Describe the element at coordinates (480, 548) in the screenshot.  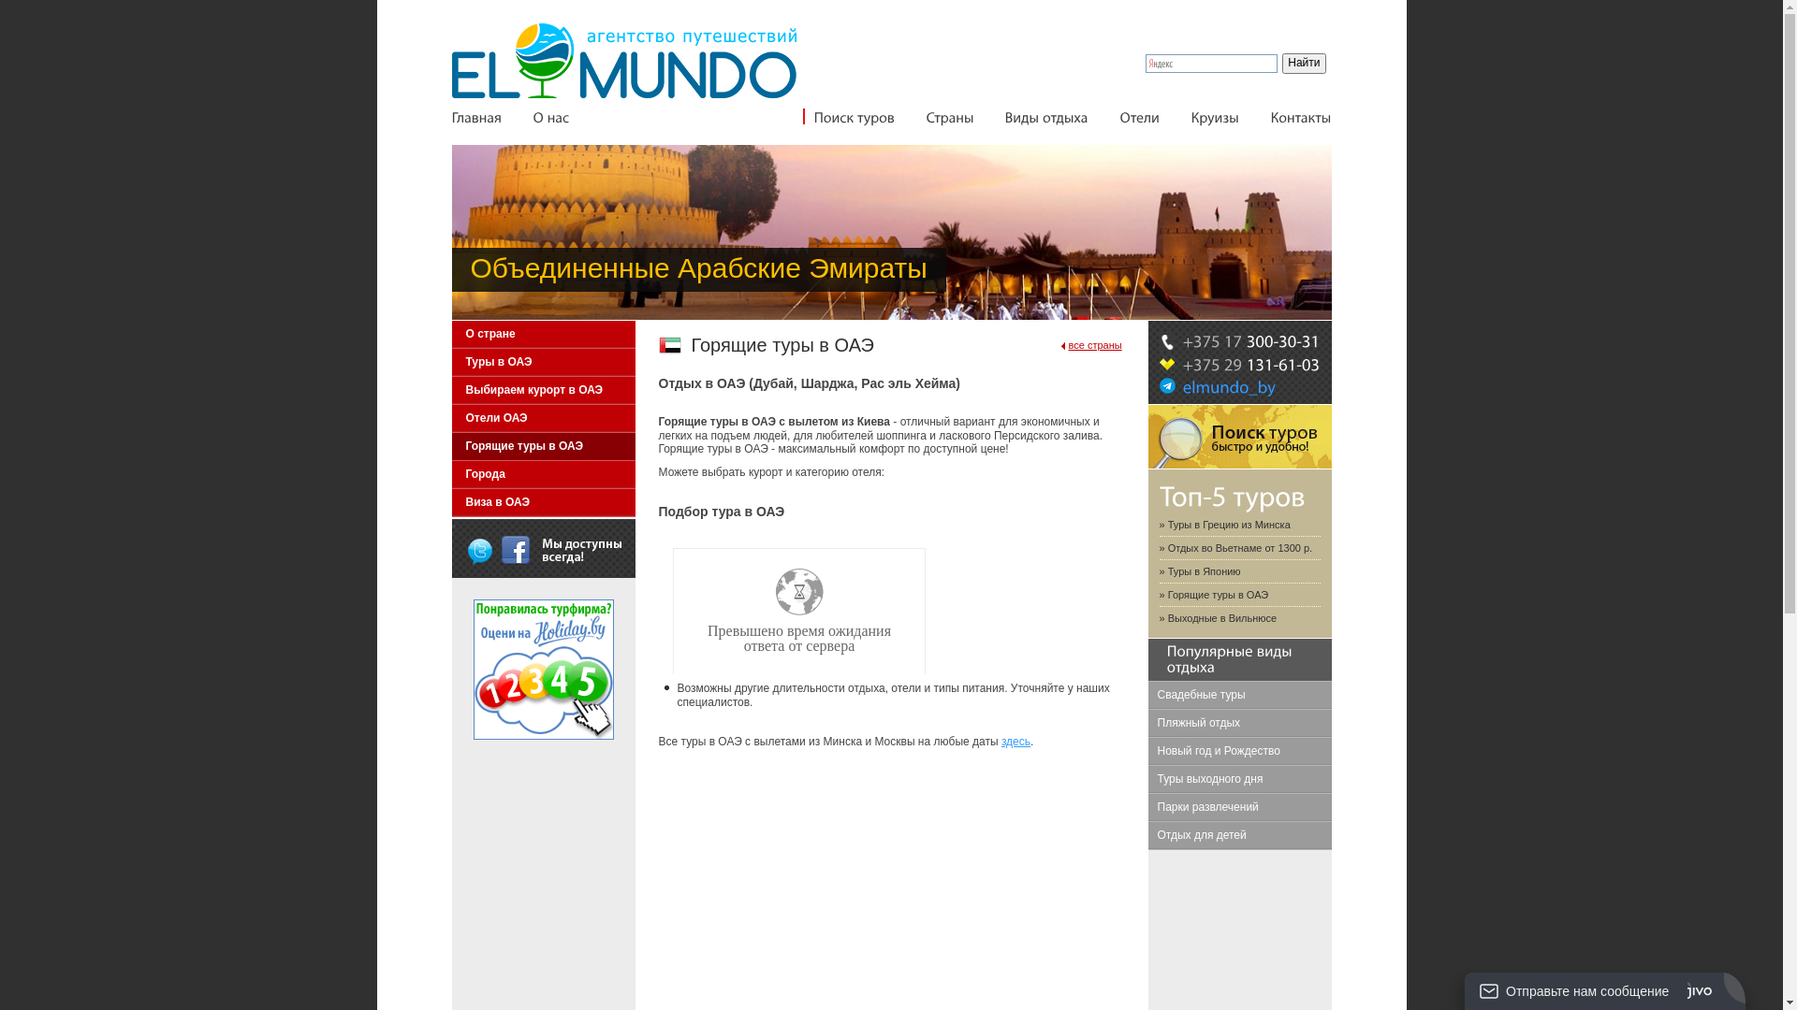
I see `' '` at that location.